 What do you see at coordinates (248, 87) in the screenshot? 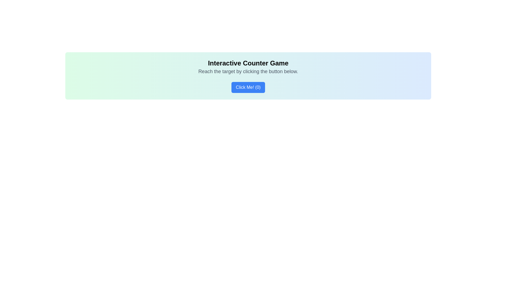
I see `the interactive button in the game interface, located centrally below the text 'Interactive Counter Game' and 'Reach the target by clicking the button below.'` at bounding box center [248, 87].